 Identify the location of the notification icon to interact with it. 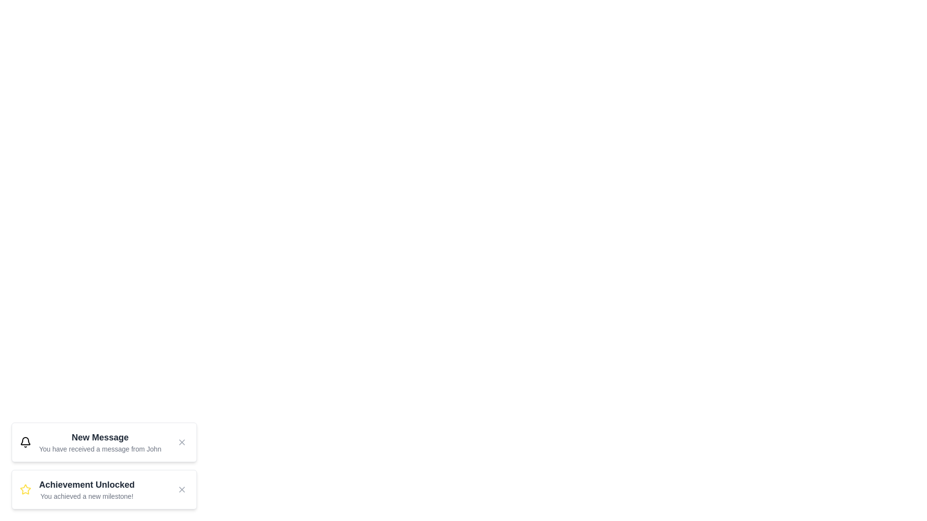
(25, 442).